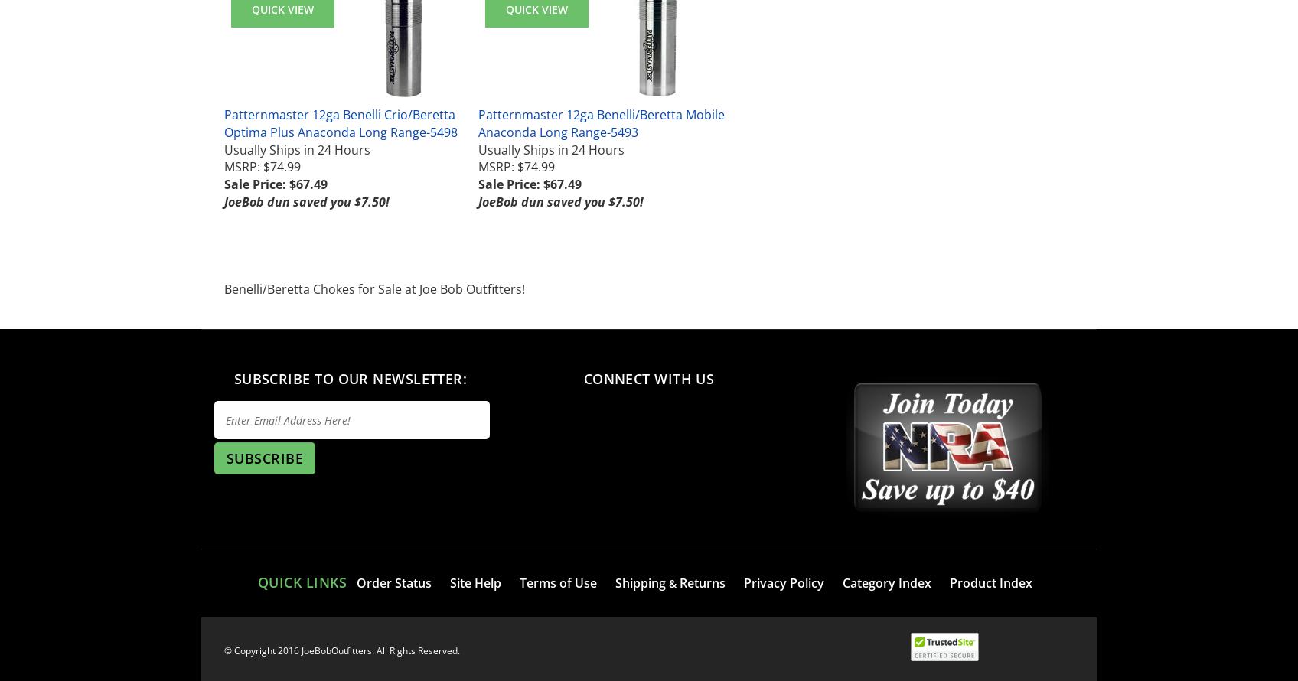  What do you see at coordinates (990, 583) in the screenshot?
I see `'Product Index'` at bounding box center [990, 583].